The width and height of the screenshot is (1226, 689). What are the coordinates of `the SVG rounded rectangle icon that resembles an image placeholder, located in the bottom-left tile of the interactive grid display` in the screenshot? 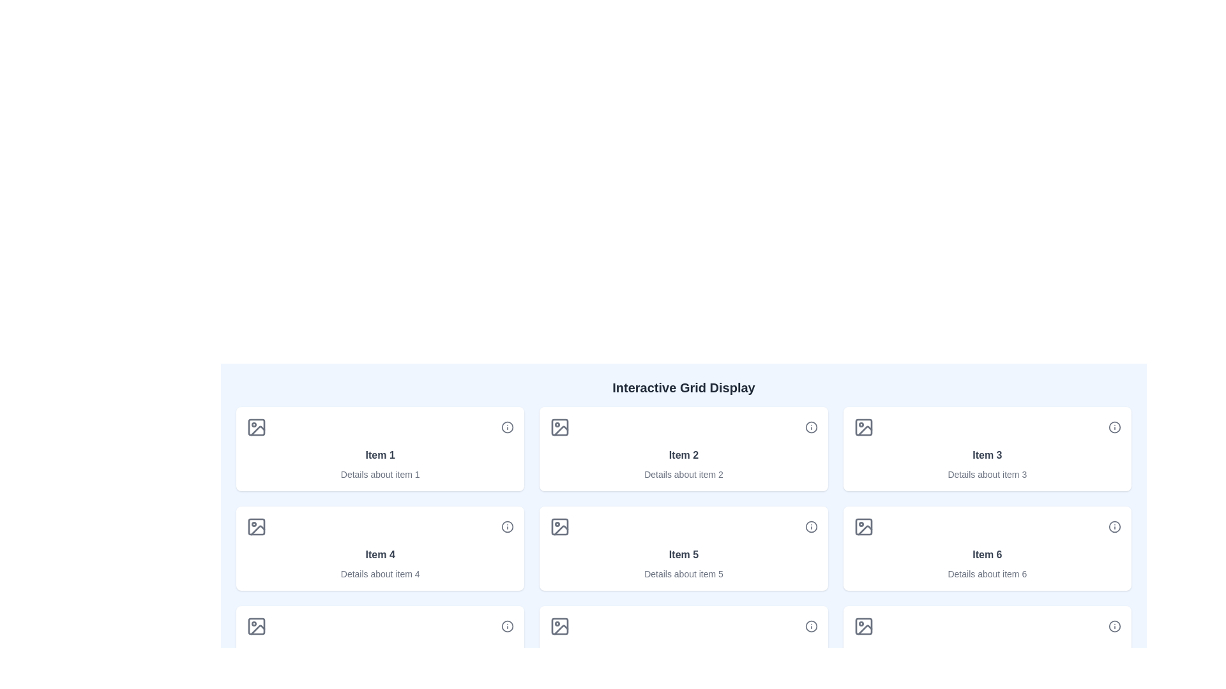 It's located at (256, 626).